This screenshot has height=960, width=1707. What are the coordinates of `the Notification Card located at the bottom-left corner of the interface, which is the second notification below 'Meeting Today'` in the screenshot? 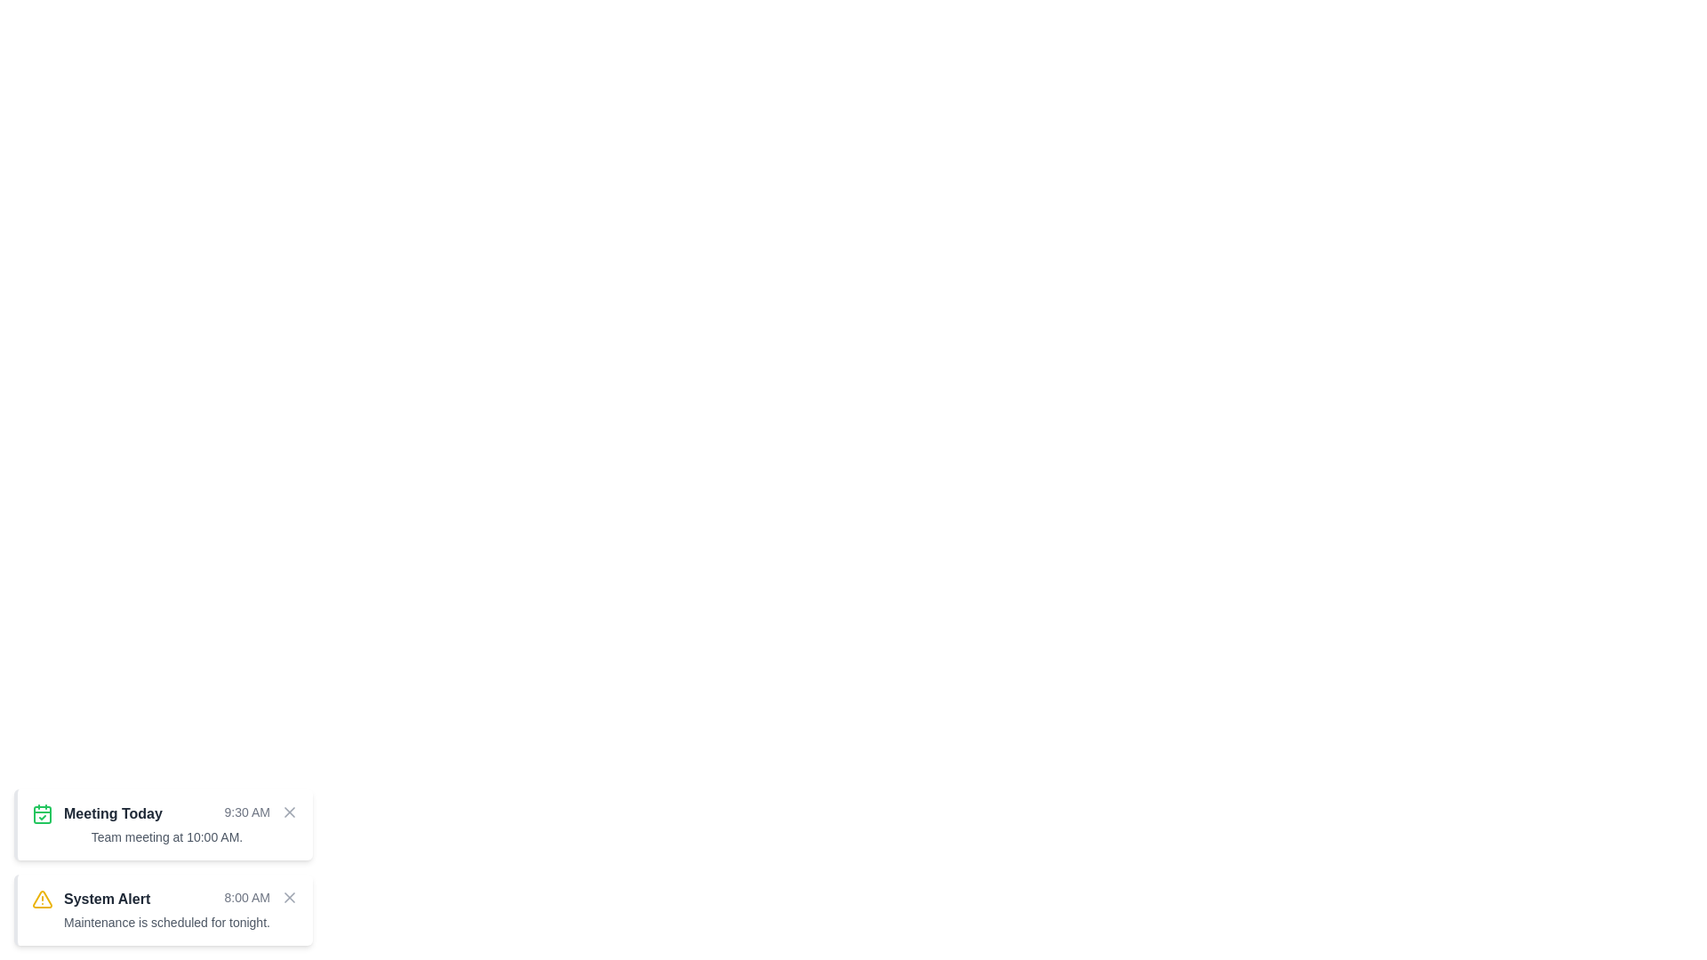 It's located at (163, 909).